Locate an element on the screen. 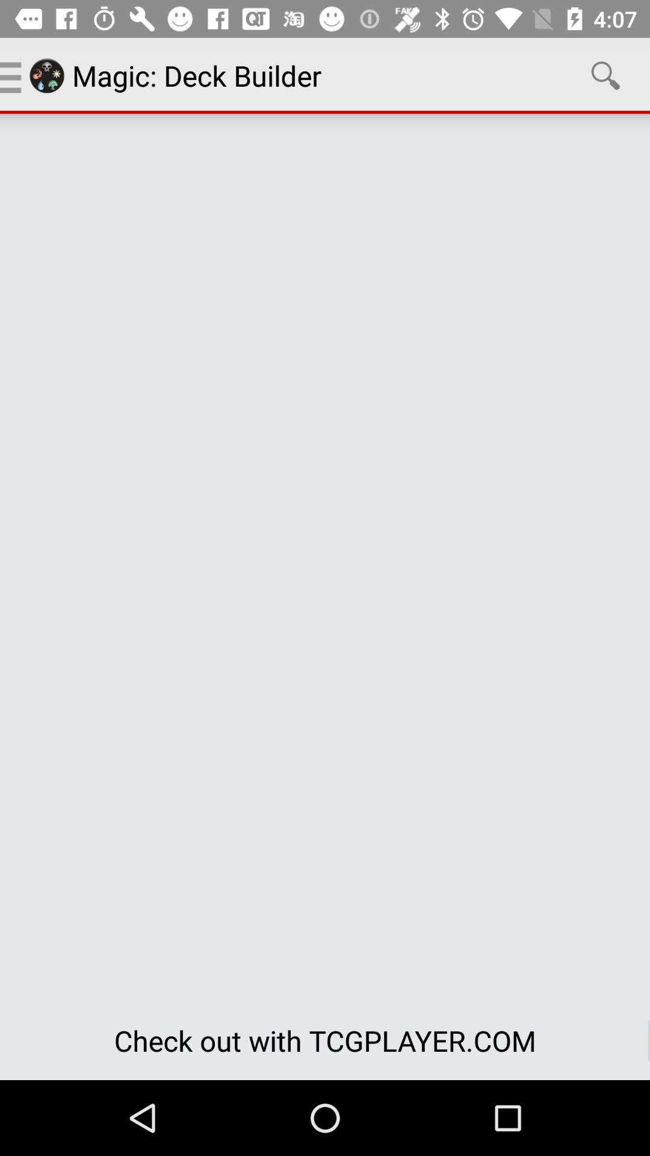 This screenshot has height=1156, width=650. the button at the bottom is located at coordinates (325, 1040).